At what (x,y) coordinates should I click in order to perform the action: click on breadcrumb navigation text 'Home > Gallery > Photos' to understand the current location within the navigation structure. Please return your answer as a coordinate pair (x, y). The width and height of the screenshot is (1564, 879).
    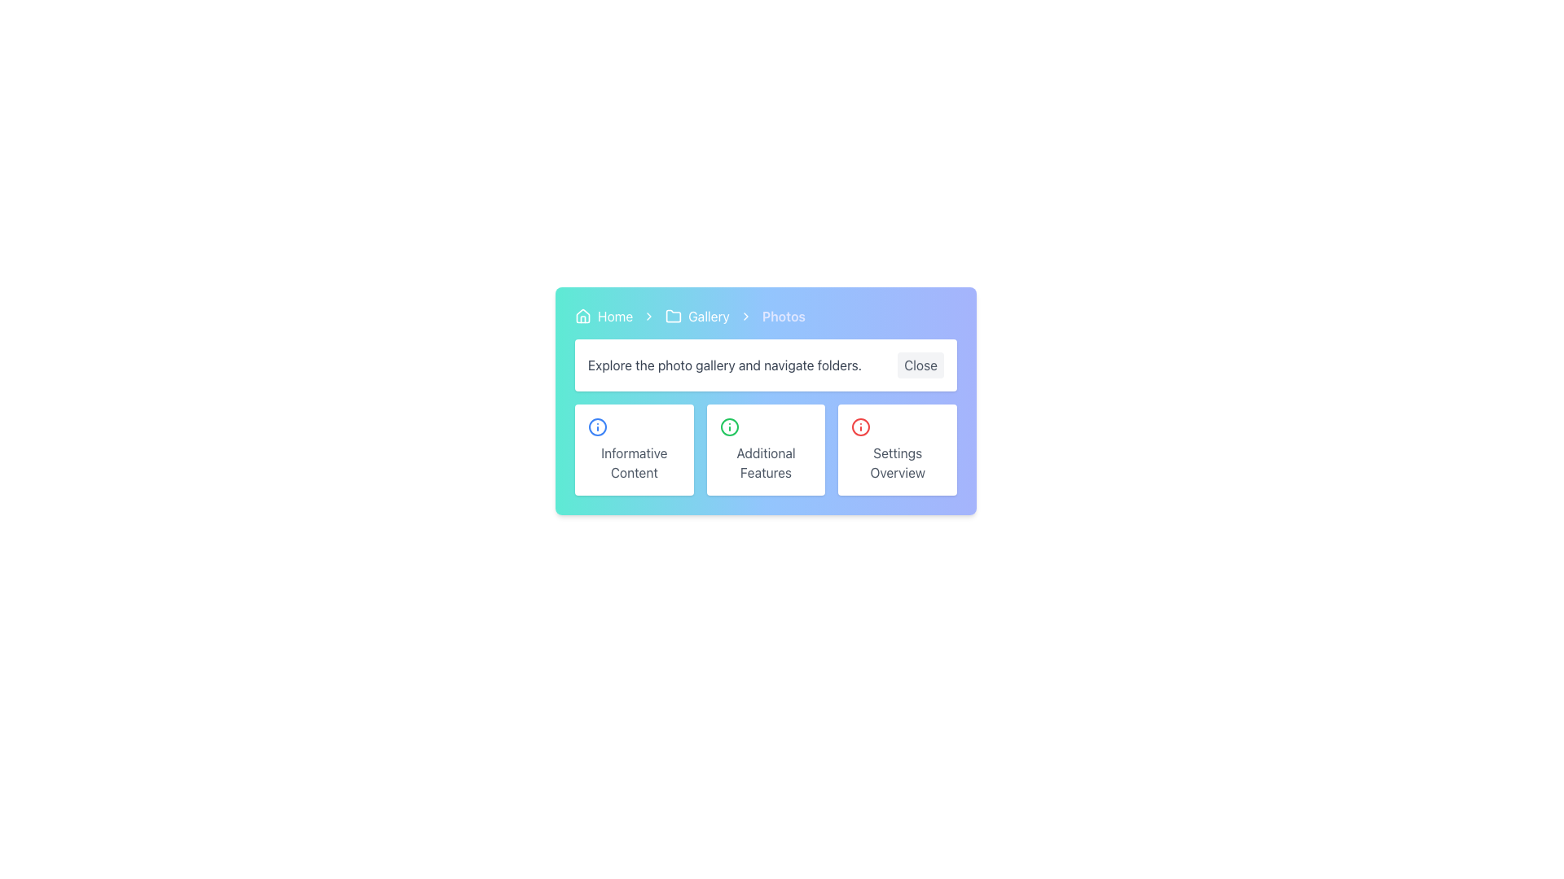
    Looking at the image, I should click on (765, 317).